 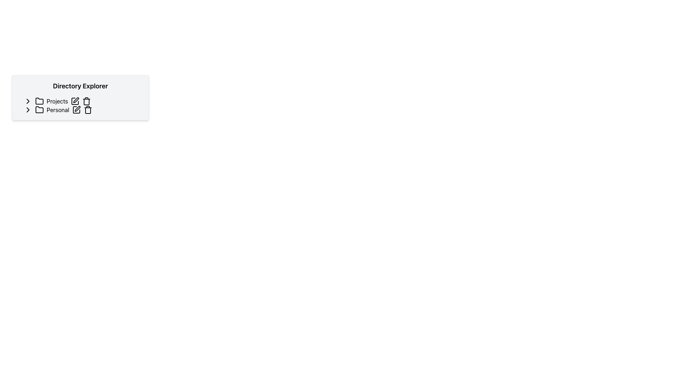 What do you see at coordinates (81, 101) in the screenshot?
I see `the group of interactive icons located to the right of the 'Projects' label in the directory explorer interface` at bounding box center [81, 101].